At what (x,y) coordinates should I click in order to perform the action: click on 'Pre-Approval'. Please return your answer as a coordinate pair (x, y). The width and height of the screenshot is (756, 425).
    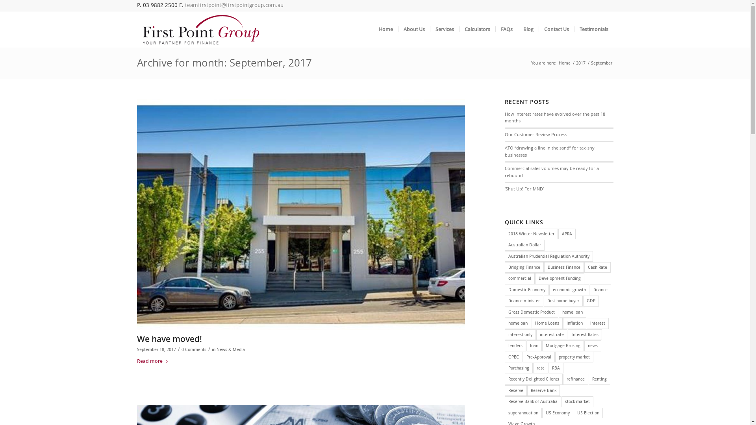
    Looking at the image, I should click on (538, 357).